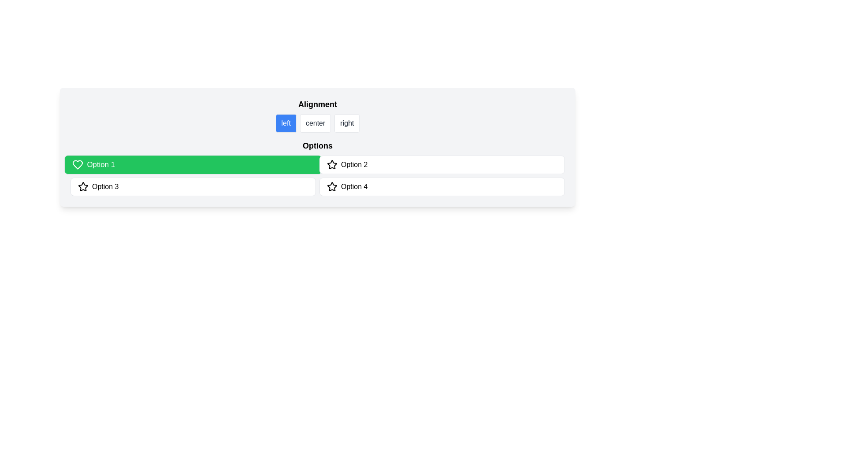  What do you see at coordinates (315, 123) in the screenshot?
I see `the 'center' alignment button located between the 'left' (blue background) and 'right' (white background) buttons` at bounding box center [315, 123].